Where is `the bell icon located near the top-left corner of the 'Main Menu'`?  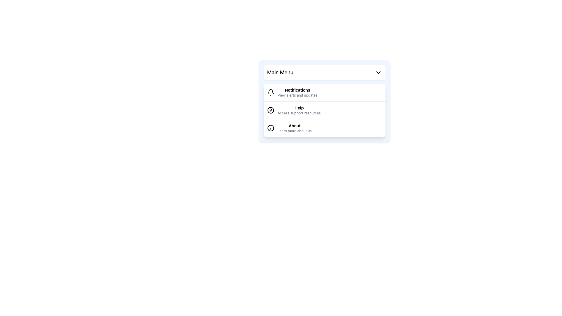
the bell icon located near the top-left corner of the 'Main Menu' is located at coordinates (270, 92).